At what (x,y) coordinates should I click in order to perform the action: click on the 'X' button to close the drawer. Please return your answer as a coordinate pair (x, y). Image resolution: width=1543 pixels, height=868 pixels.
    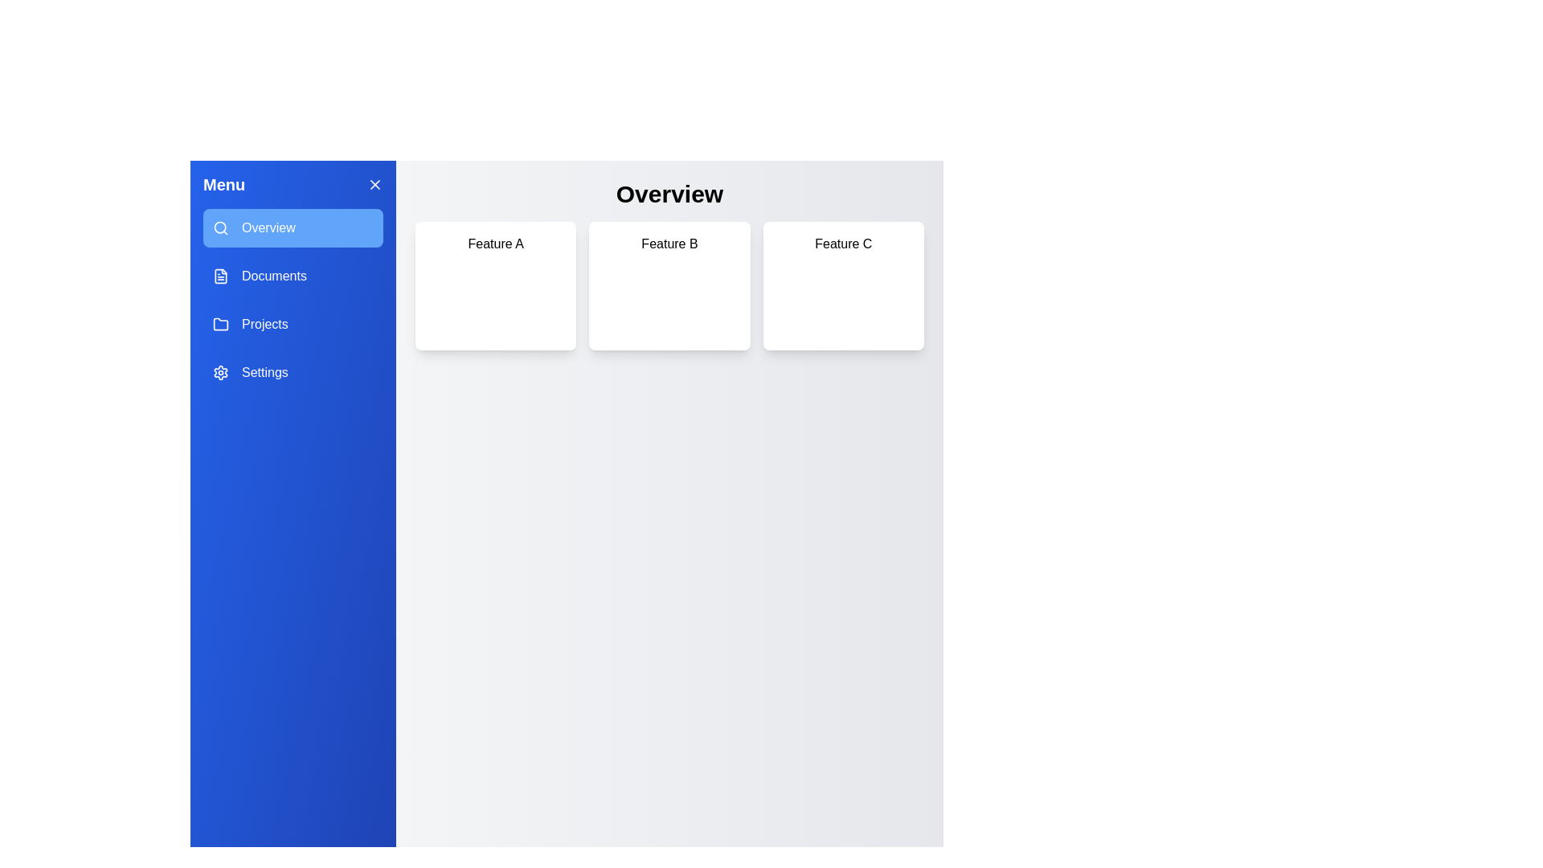
    Looking at the image, I should click on (374, 184).